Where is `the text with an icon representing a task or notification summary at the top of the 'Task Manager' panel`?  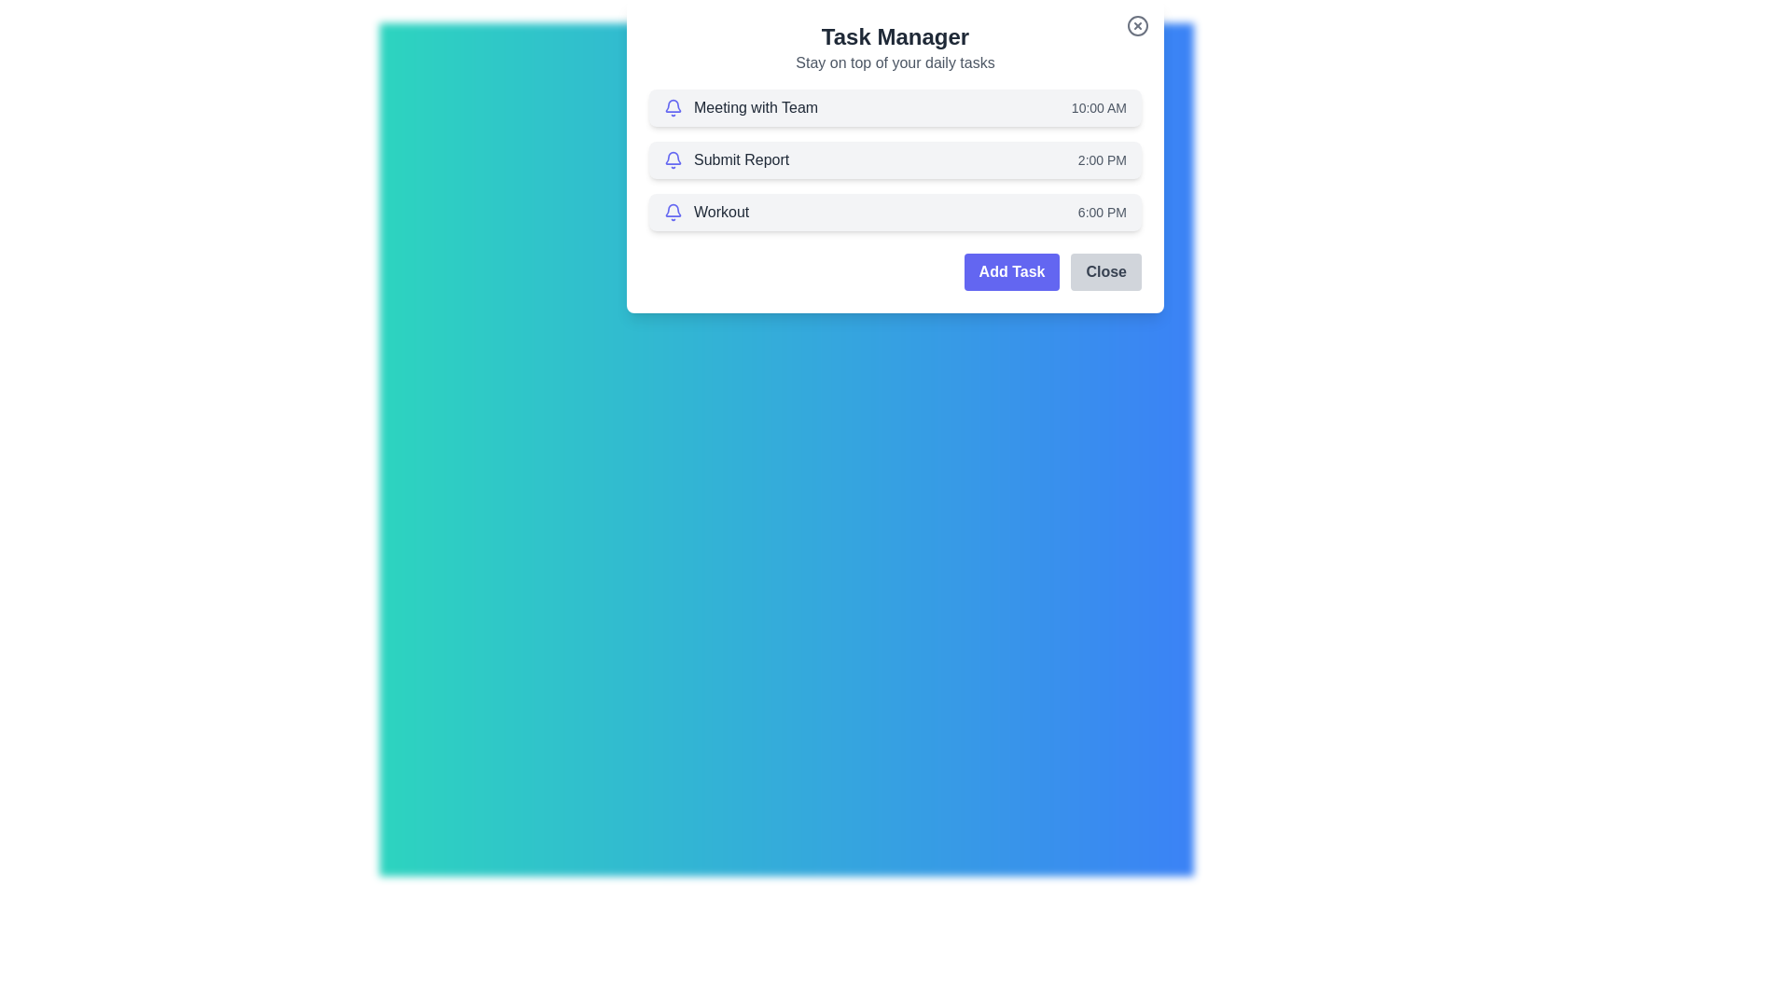 the text with an icon representing a task or notification summary at the top of the 'Task Manager' panel is located at coordinates (740, 107).